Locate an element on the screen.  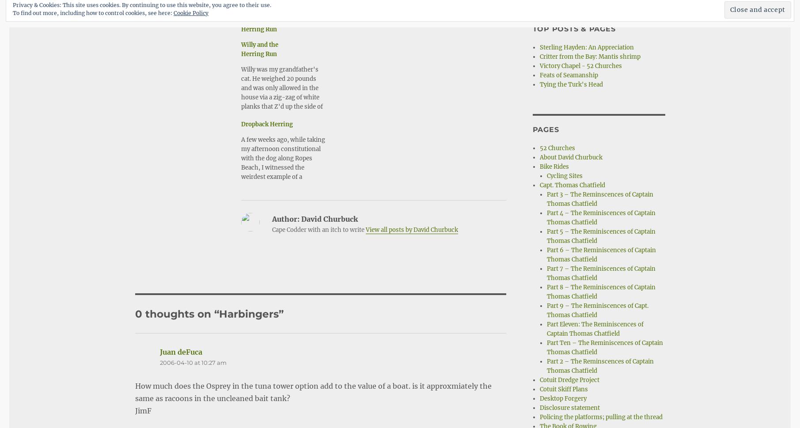
'Privacy & Cookies: This site uses cookies. By continuing to use this website, you agree to their use.' is located at coordinates (141, 5).